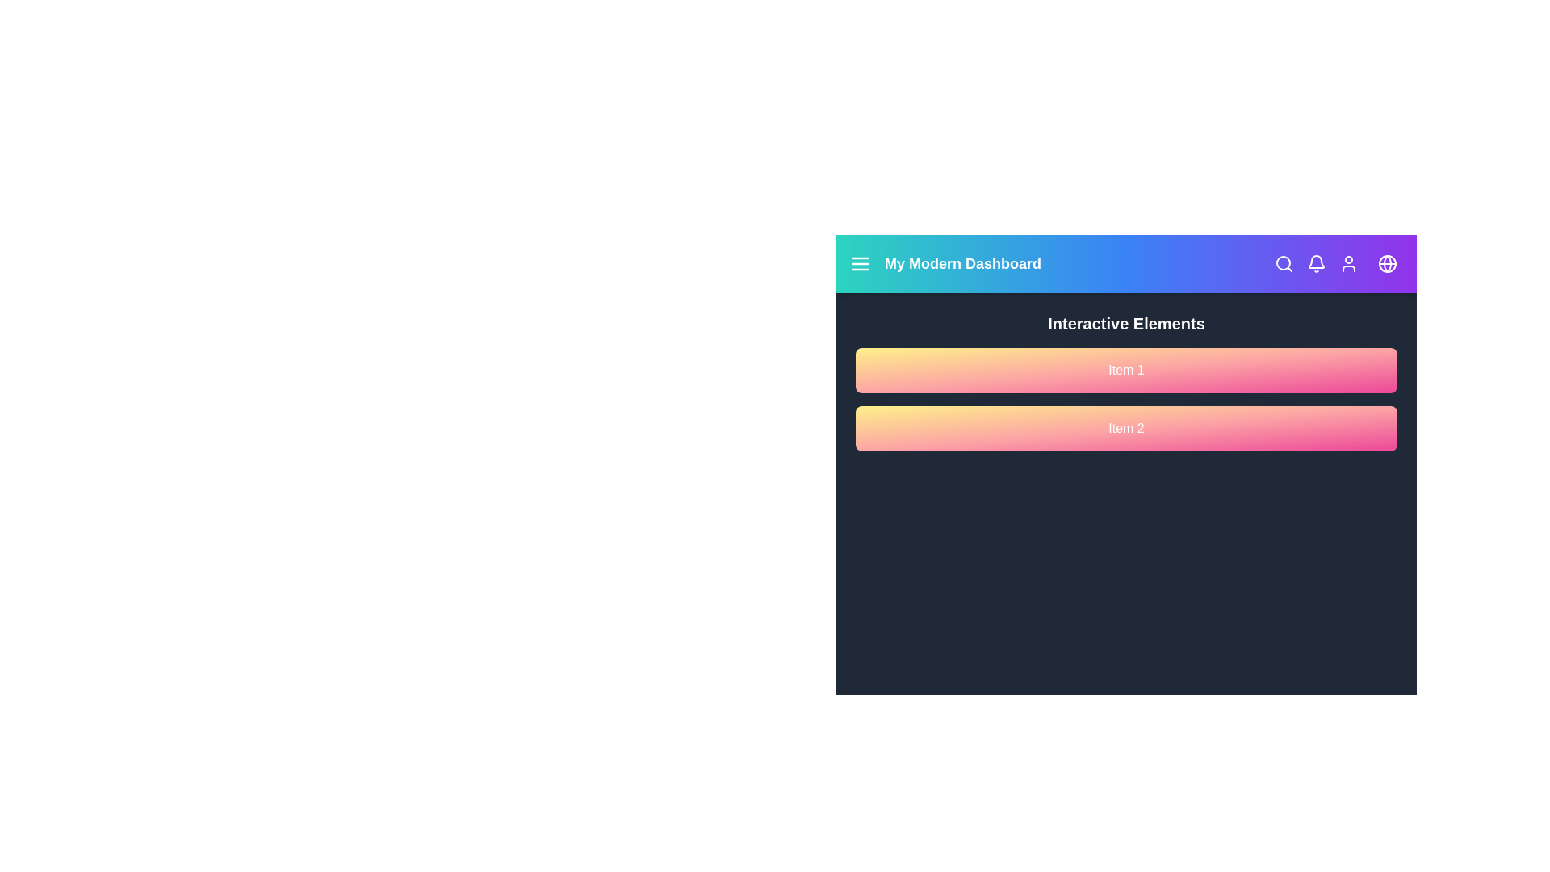 The width and height of the screenshot is (1550, 872). Describe the element at coordinates (1386, 263) in the screenshot. I see `the button with the globe or calendar icon to toggle dark mode` at that location.